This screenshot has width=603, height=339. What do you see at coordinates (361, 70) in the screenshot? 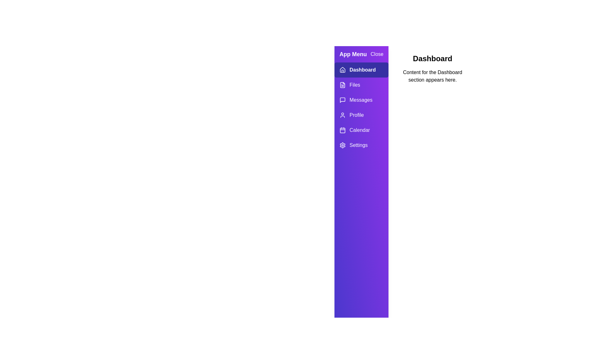
I see `the tab labeled Dashboard in the drawer` at bounding box center [361, 70].